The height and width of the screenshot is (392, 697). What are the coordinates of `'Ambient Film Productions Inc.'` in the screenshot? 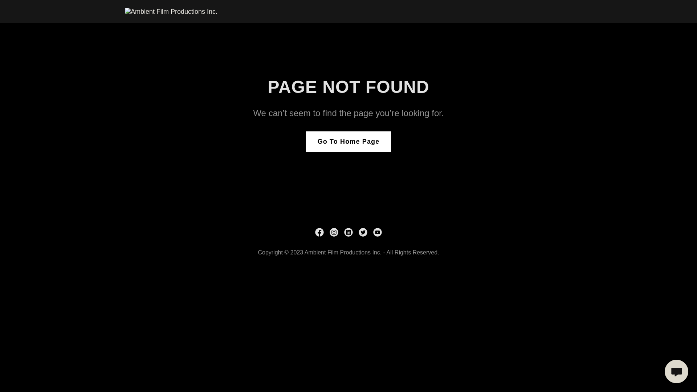 It's located at (125, 11).